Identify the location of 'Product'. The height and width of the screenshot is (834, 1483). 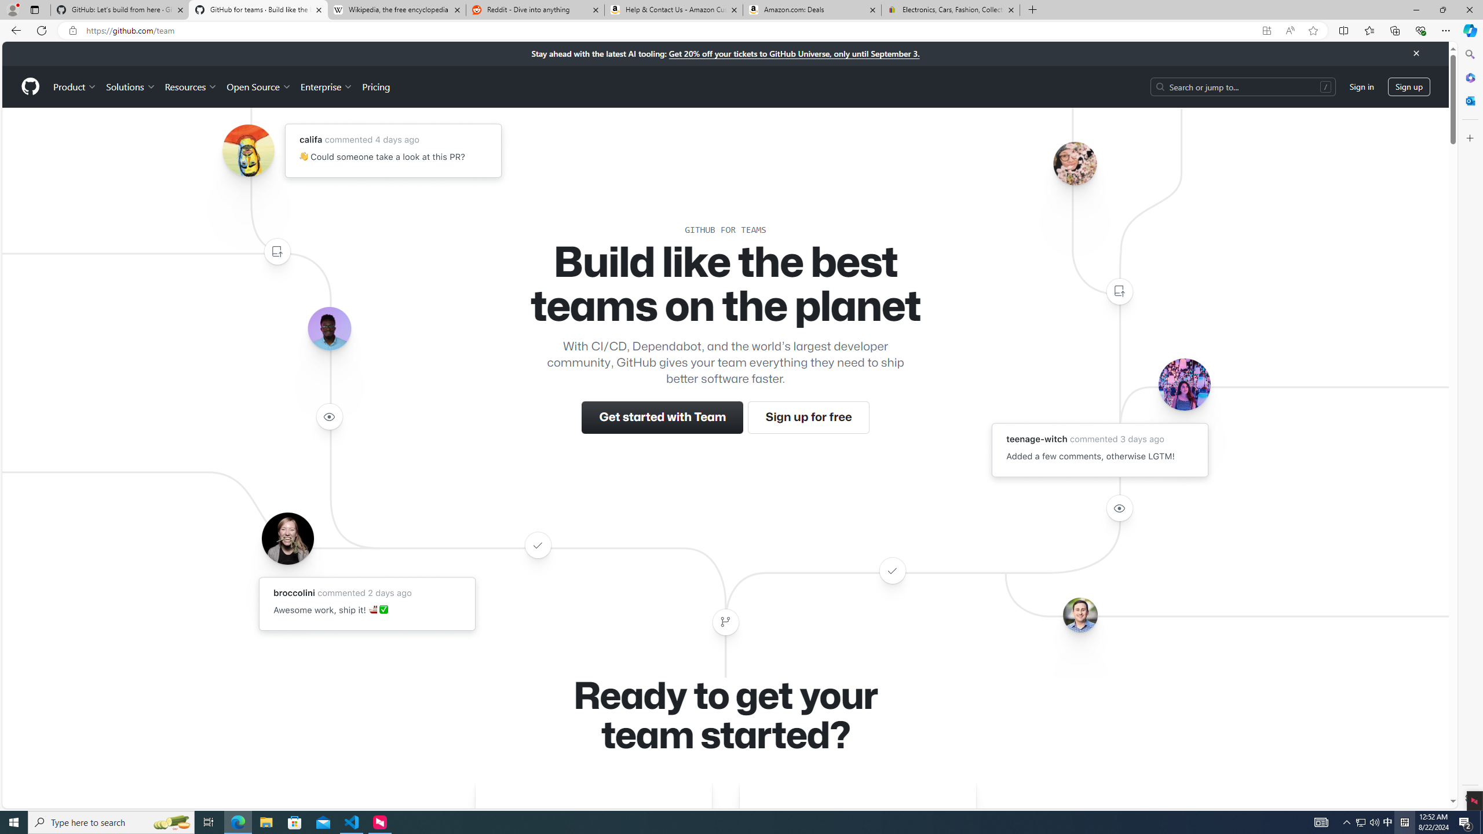
(75, 86).